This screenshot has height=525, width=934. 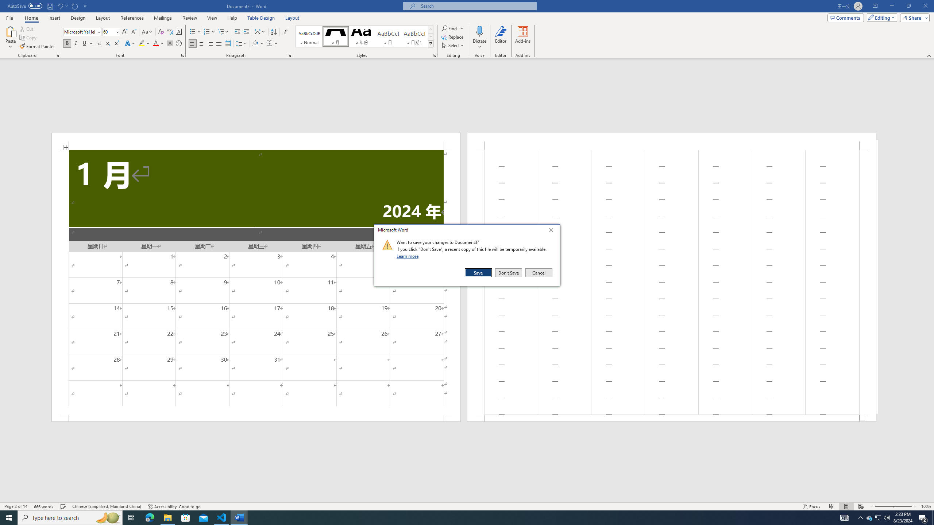 I want to click on 'Cancel', so click(x=538, y=272).